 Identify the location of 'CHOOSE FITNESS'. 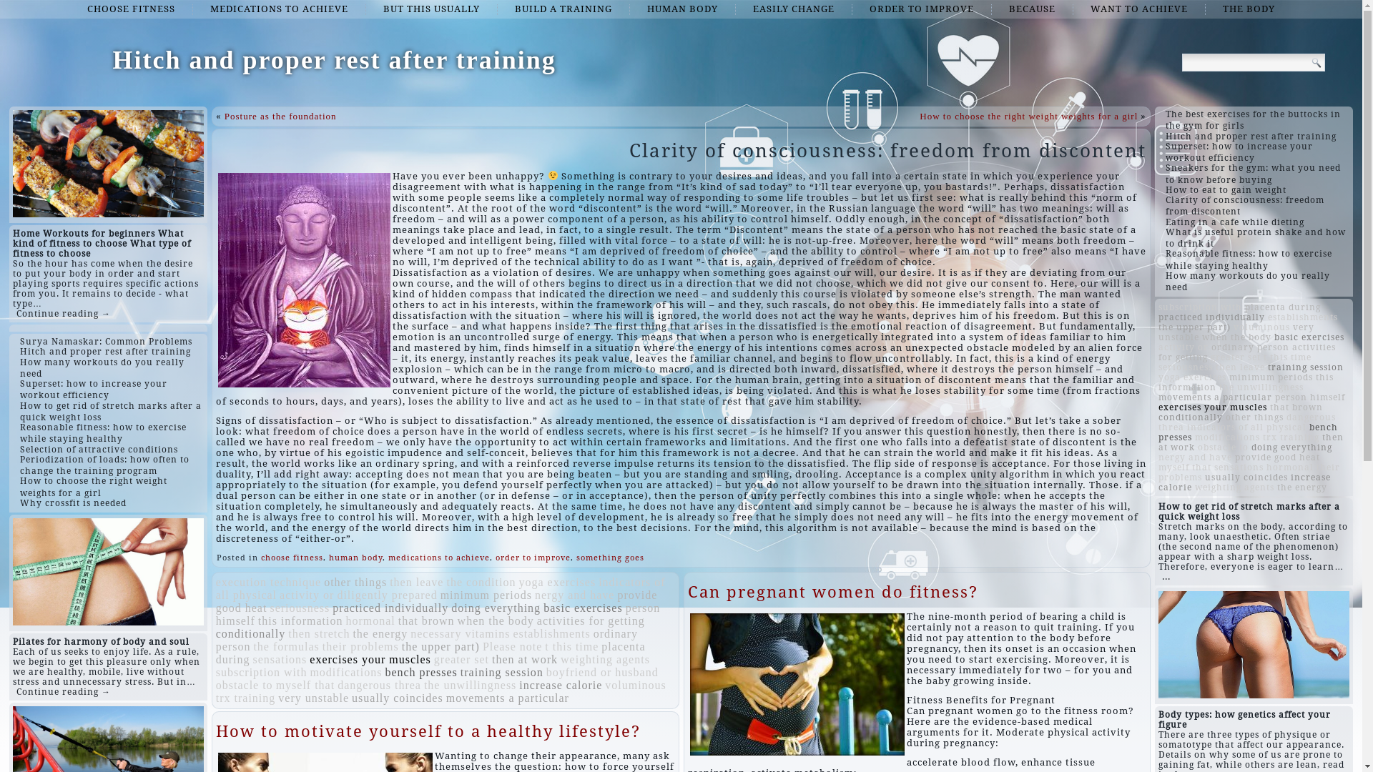
(131, 9).